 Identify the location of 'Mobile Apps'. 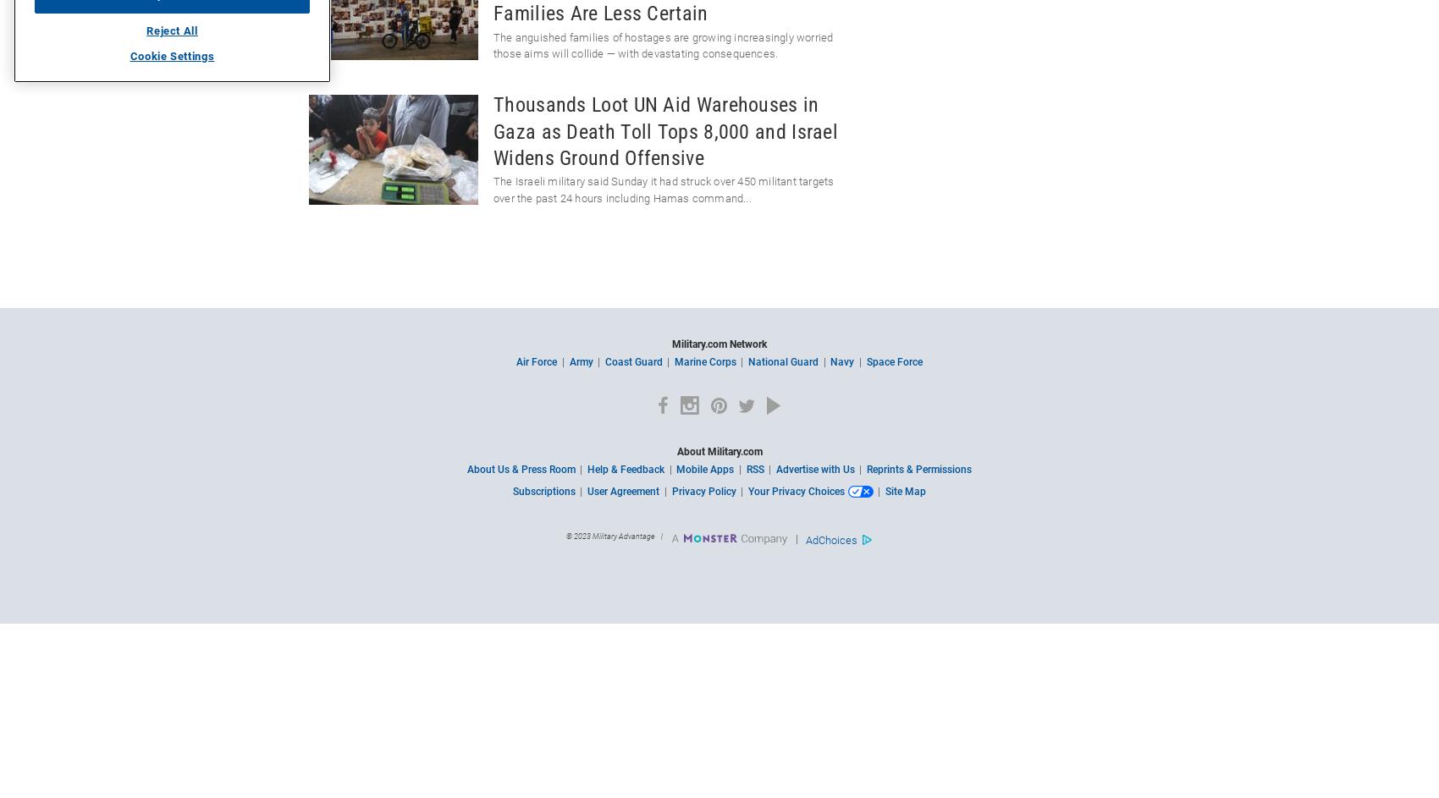
(704, 469).